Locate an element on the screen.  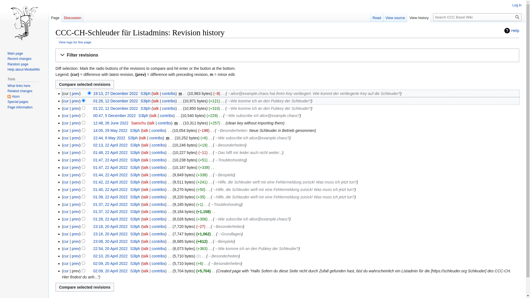
'Recent changes' is located at coordinates (7, 58).